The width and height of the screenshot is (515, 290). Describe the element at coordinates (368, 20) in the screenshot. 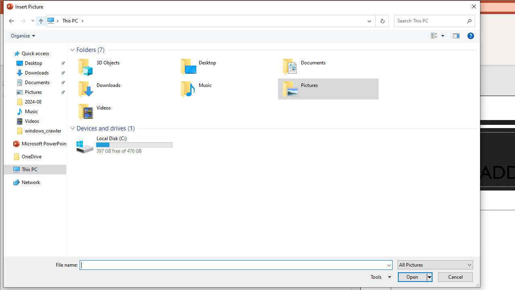

I see `'Previous Locations'` at that location.